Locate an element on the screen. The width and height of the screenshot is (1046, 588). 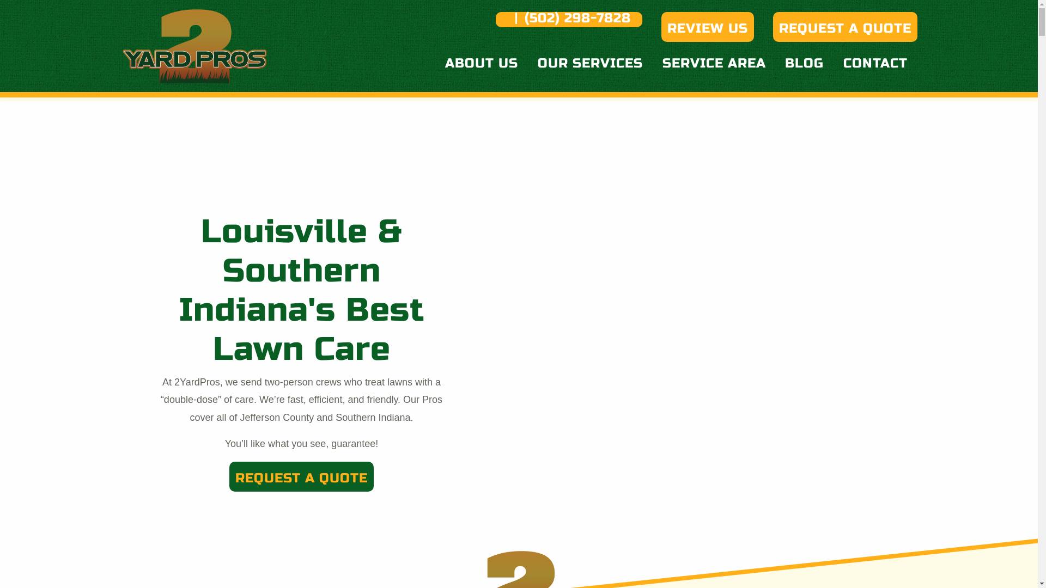
'REVIEW US' is located at coordinates (708, 26).